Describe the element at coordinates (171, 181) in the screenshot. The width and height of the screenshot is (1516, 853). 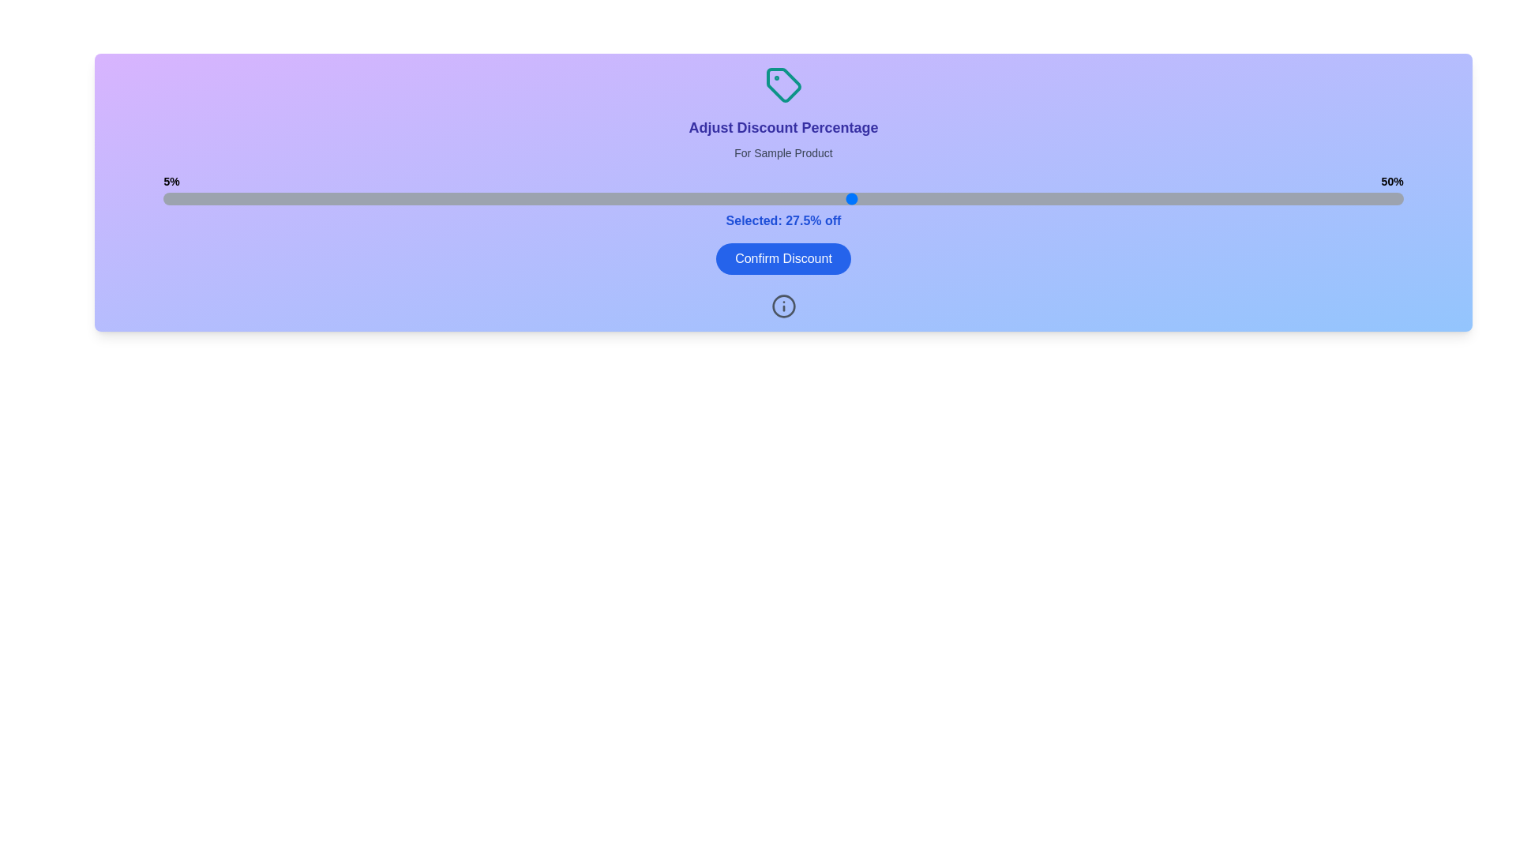
I see `the static label displaying '5%' which is positioned at the far-left end of the slider bar, serving as the starting percentage indicator` at that location.